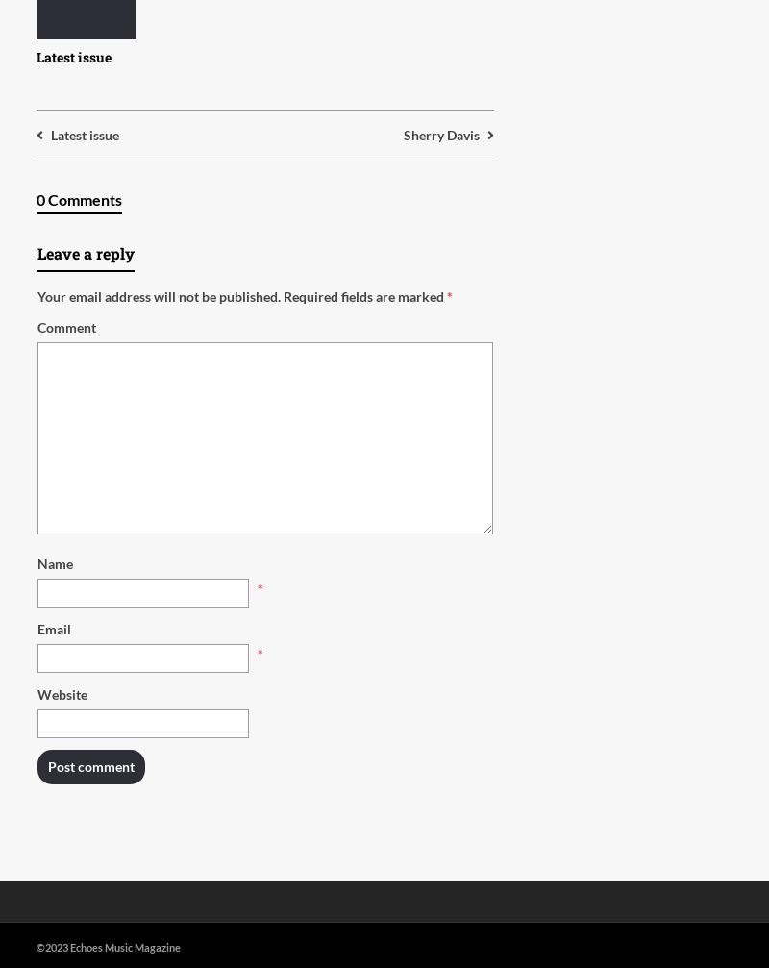 This screenshot has height=968, width=769. I want to click on '0 Comments', so click(79, 199).